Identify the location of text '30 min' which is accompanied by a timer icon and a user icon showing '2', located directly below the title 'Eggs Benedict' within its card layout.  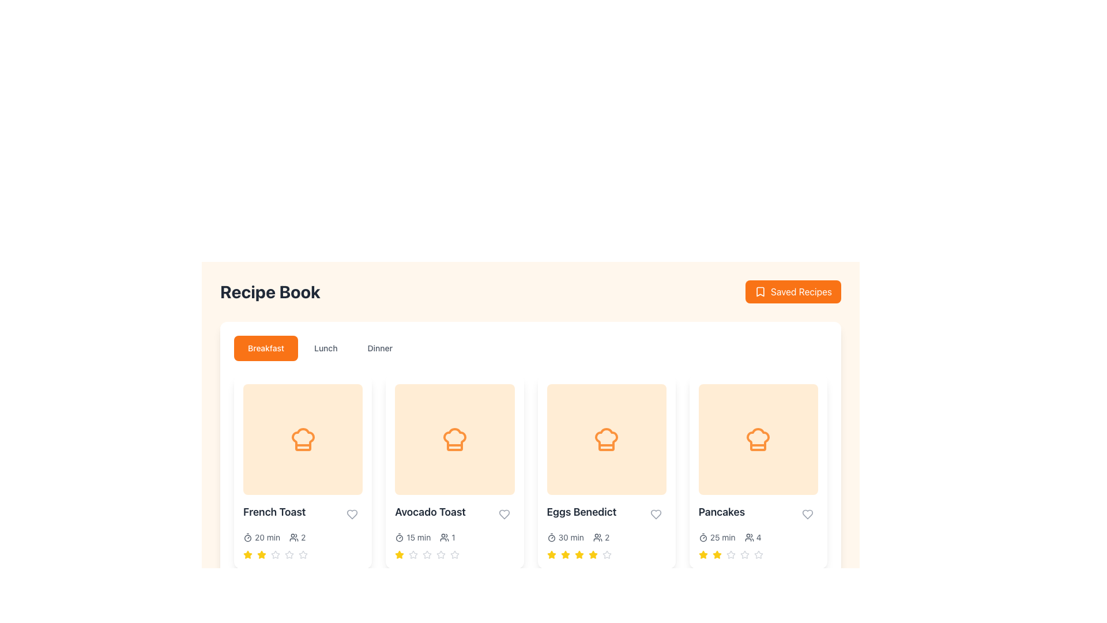
(606, 538).